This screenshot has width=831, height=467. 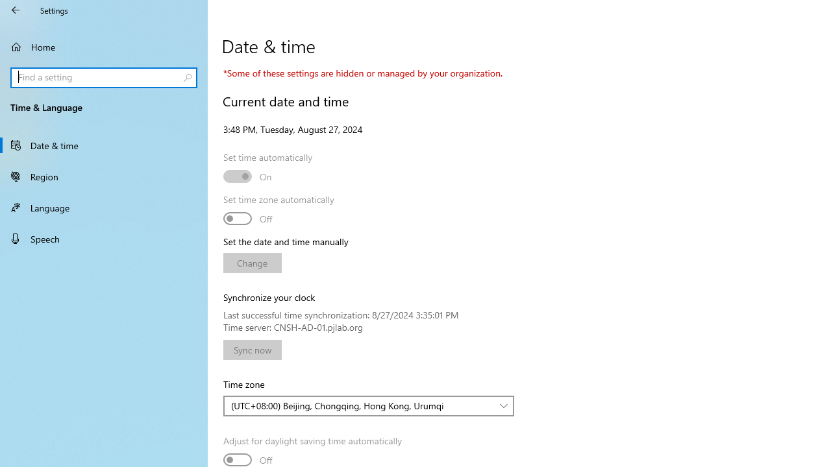 I want to click on 'Set the date and time manually', so click(x=253, y=263).